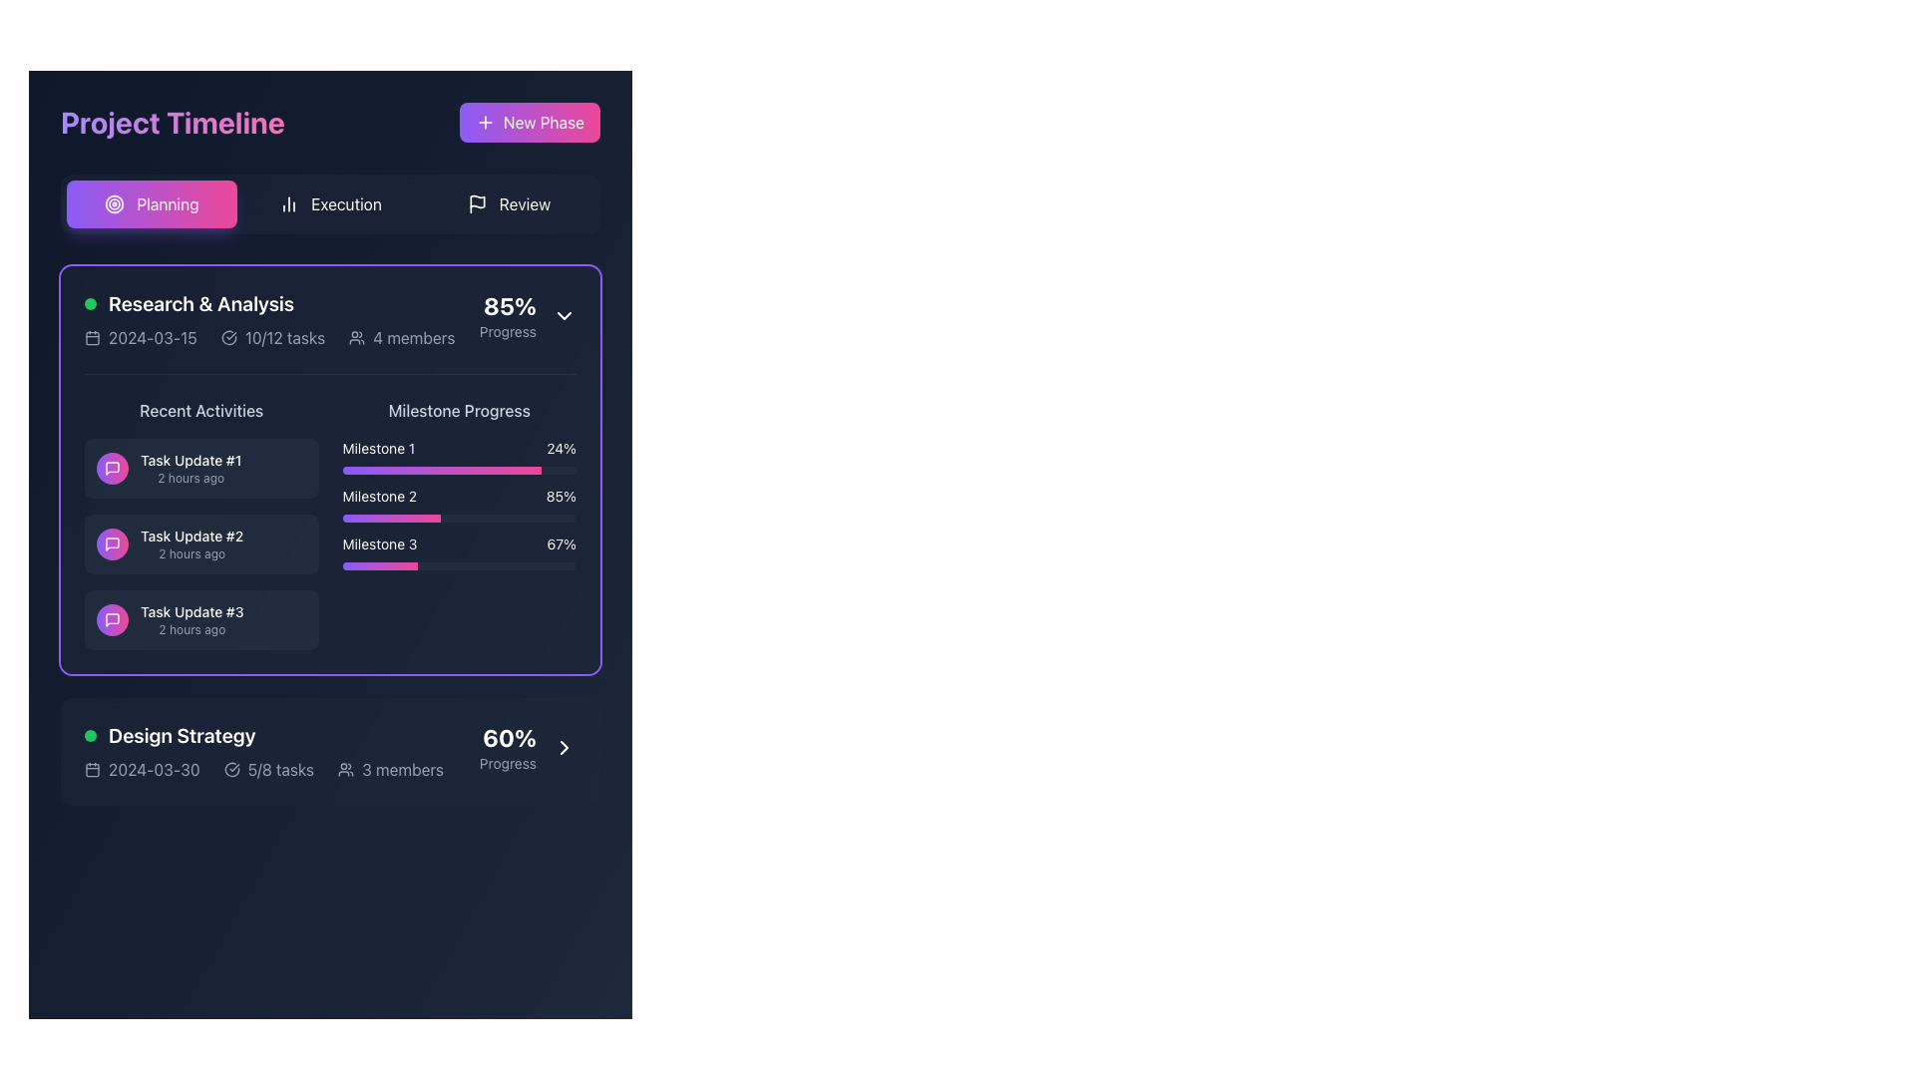 Image resolution: width=1915 pixels, height=1077 pixels. I want to click on the 'Progress' label, which is a small grayish-blue text located below the '60%' percentage display in the 'Design Strategy' section, so click(508, 763).